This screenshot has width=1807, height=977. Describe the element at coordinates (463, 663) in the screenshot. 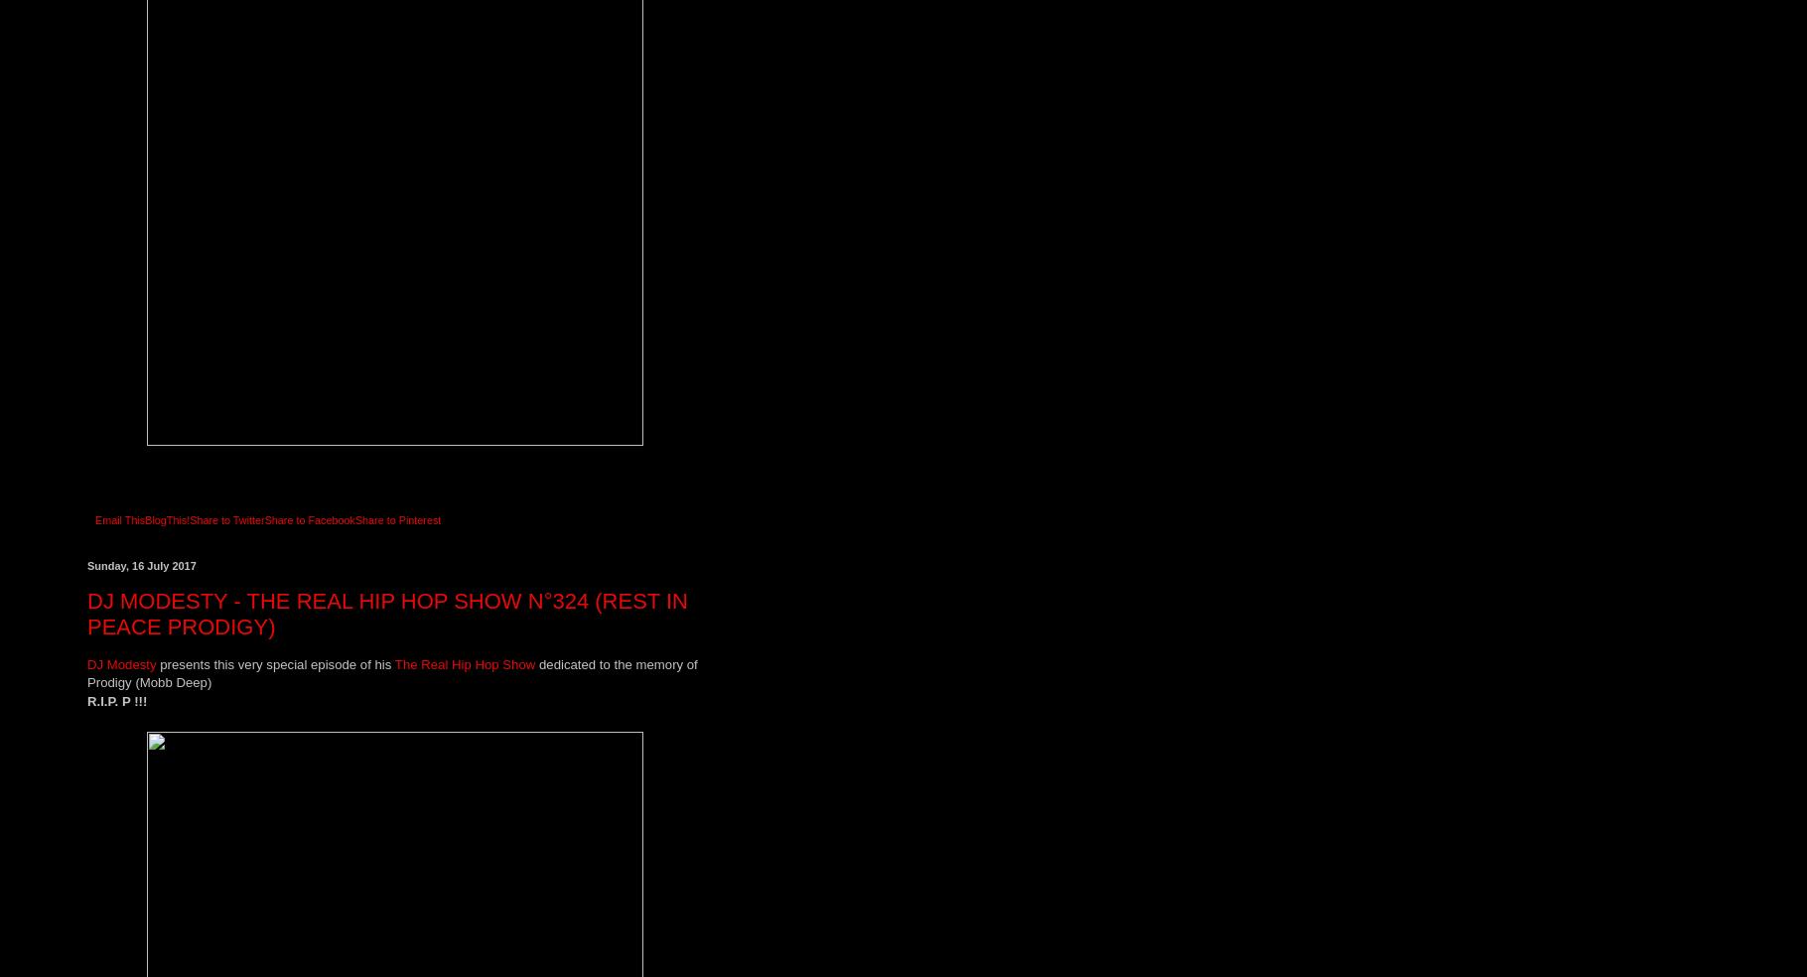

I see `'The Real Hip Hop Show'` at that location.